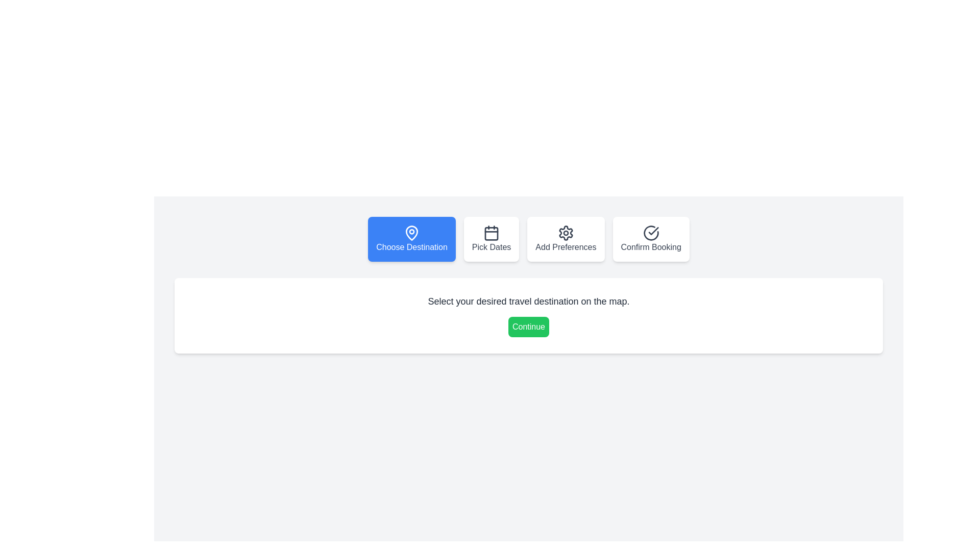 The height and width of the screenshot is (551, 980). What do you see at coordinates (565, 239) in the screenshot?
I see `the step navigation button for Add Preferences` at bounding box center [565, 239].